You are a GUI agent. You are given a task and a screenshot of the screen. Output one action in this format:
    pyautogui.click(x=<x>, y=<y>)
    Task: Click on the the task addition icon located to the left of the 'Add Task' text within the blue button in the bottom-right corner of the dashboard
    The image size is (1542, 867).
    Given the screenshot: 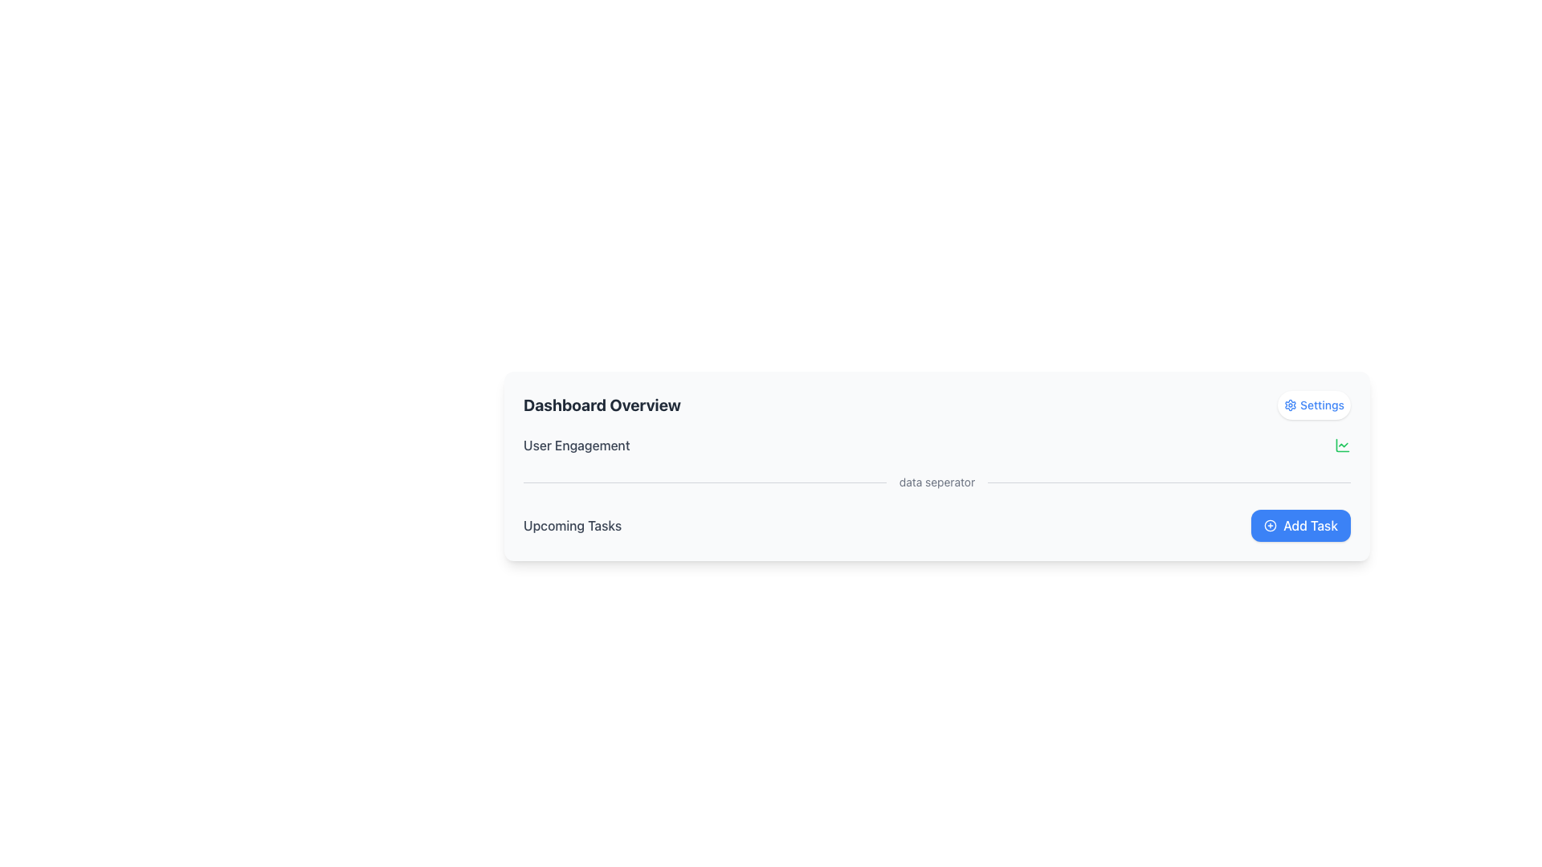 What is the action you would take?
    pyautogui.click(x=1270, y=526)
    